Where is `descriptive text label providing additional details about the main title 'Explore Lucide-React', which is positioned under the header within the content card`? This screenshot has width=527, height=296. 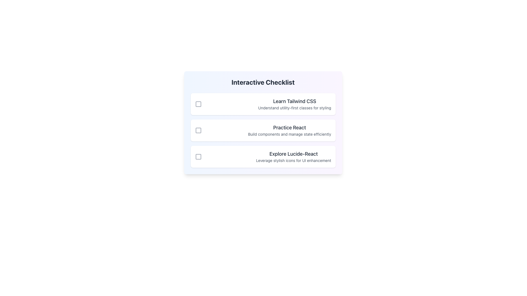 descriptive text label providing additional details about the main title 'Explore Lucide-React', which is positioned under the header within the content card is located at coordinates (293, 160).